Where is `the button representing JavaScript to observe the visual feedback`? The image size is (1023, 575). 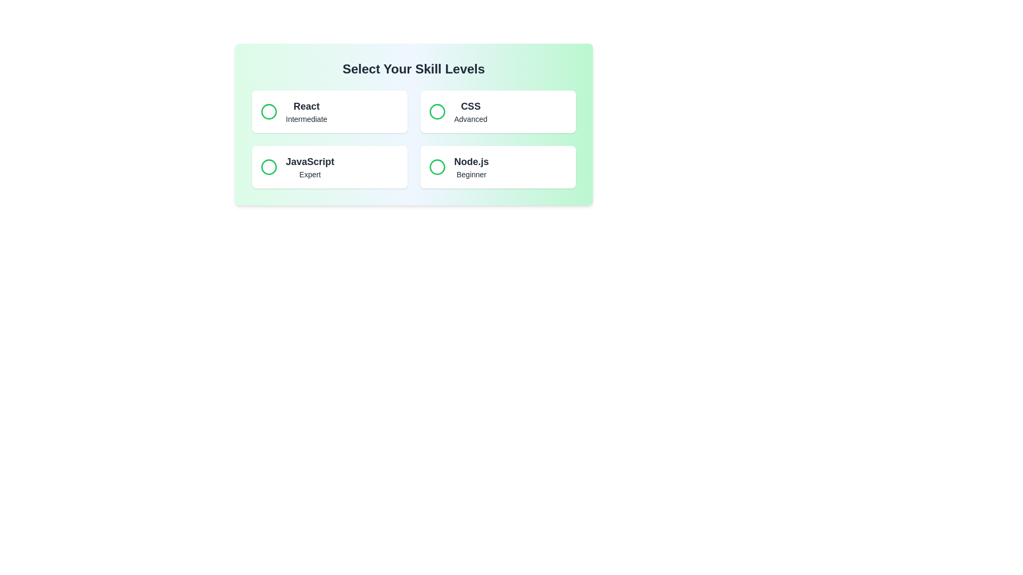 the button representing JavaScript to observe the visual feedback is located at coordinates (329, 167).